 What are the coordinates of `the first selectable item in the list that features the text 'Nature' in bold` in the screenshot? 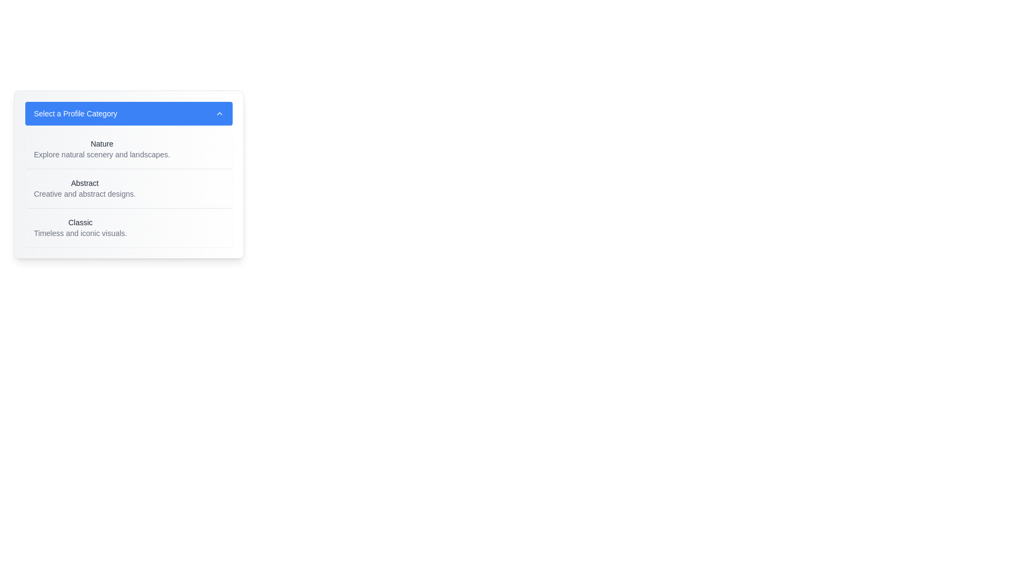 It's located at (129, 149).